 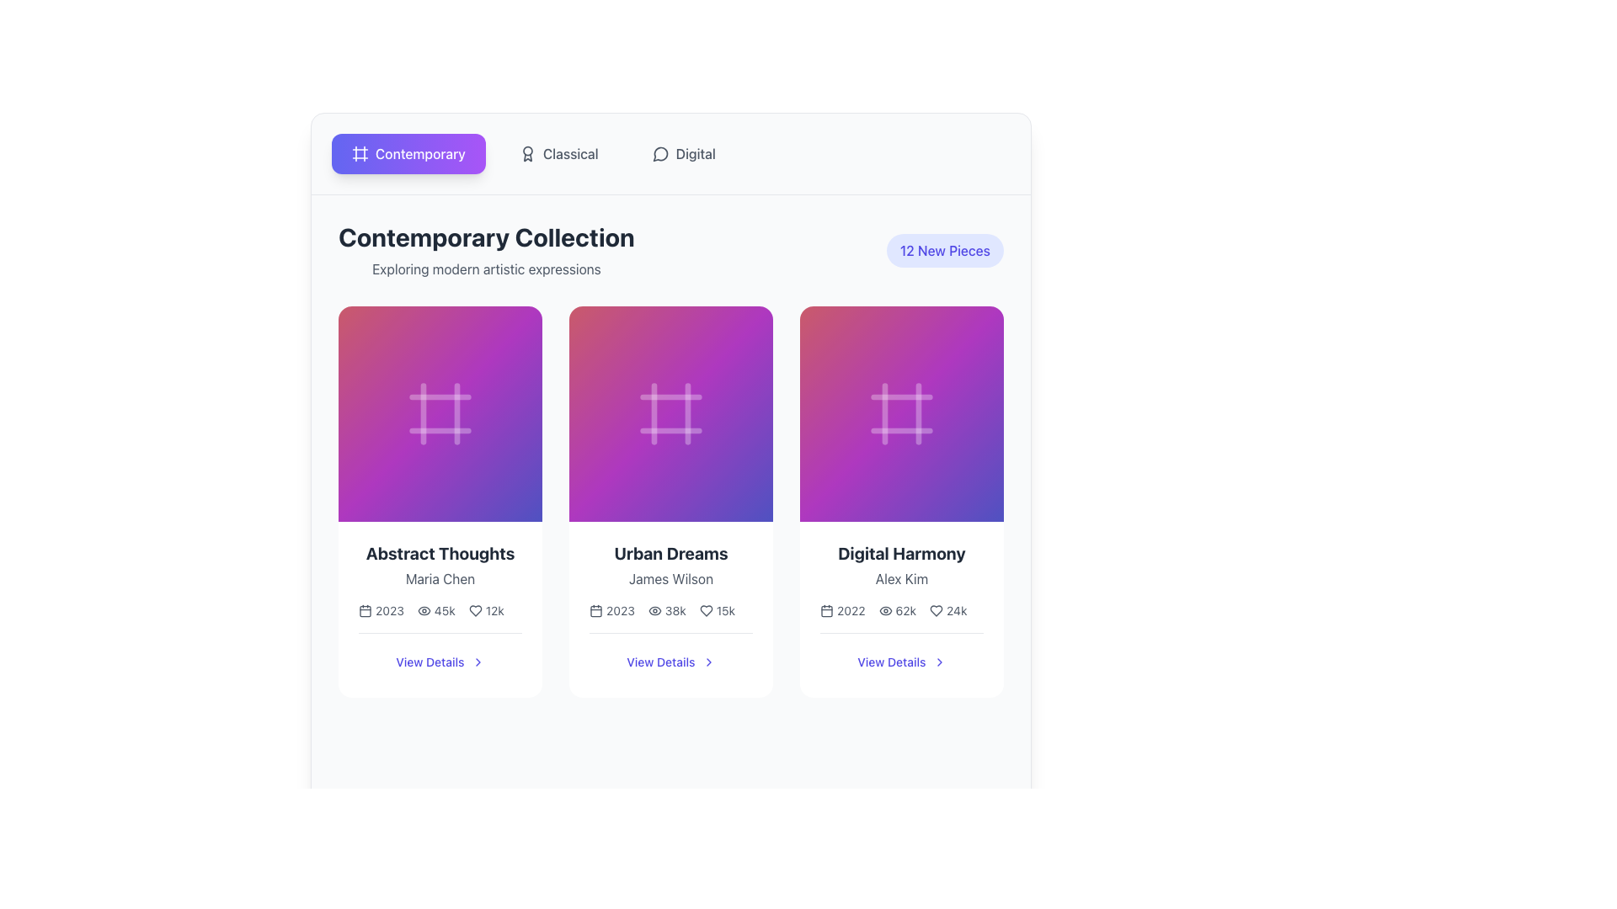 I want to click on metadata display for the 'Digital Harmony' item, which shows its year, number of views, and number of likes, located above the 'View Details' link, so click(x=893, y=610).